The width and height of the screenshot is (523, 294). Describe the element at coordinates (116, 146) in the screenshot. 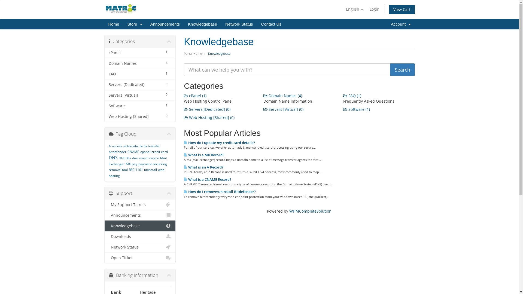

I see `'access'` at that location.